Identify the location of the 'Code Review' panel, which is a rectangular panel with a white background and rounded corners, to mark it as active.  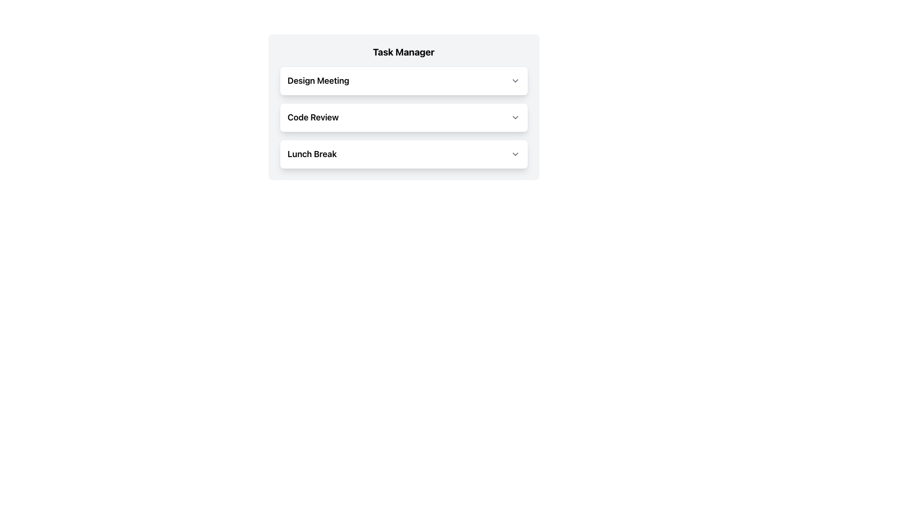
(404, 117).